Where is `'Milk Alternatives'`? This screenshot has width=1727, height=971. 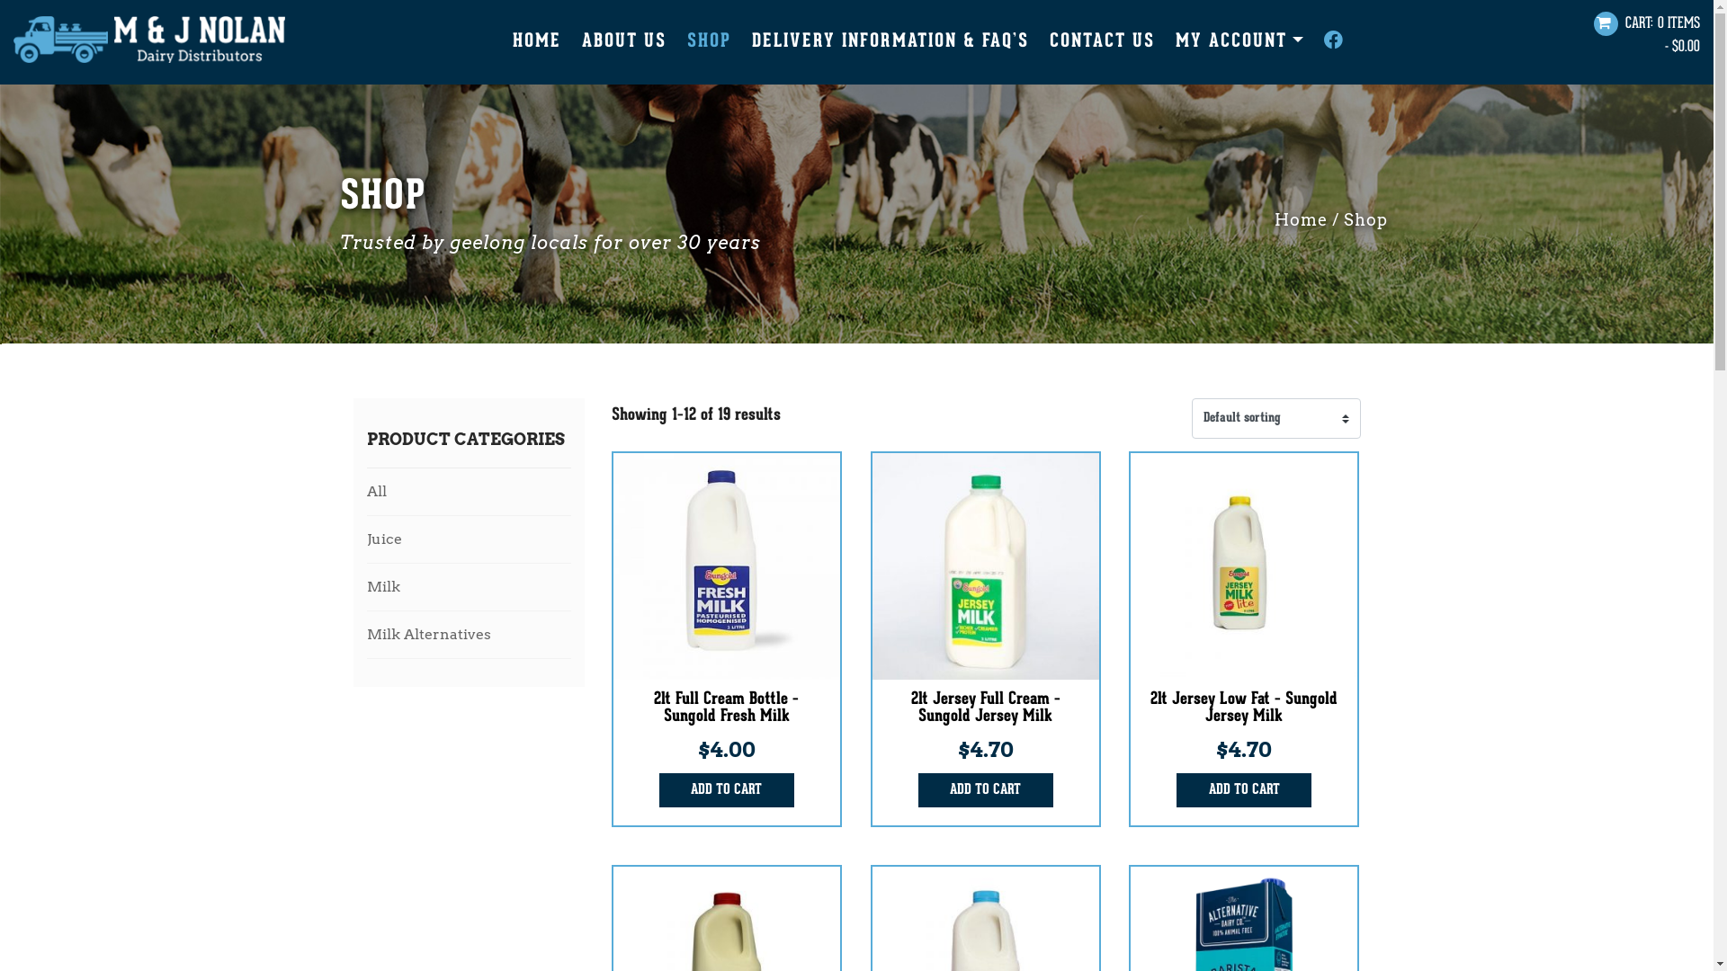 'Milk Alternatives' is located at coordinates (470, 633).